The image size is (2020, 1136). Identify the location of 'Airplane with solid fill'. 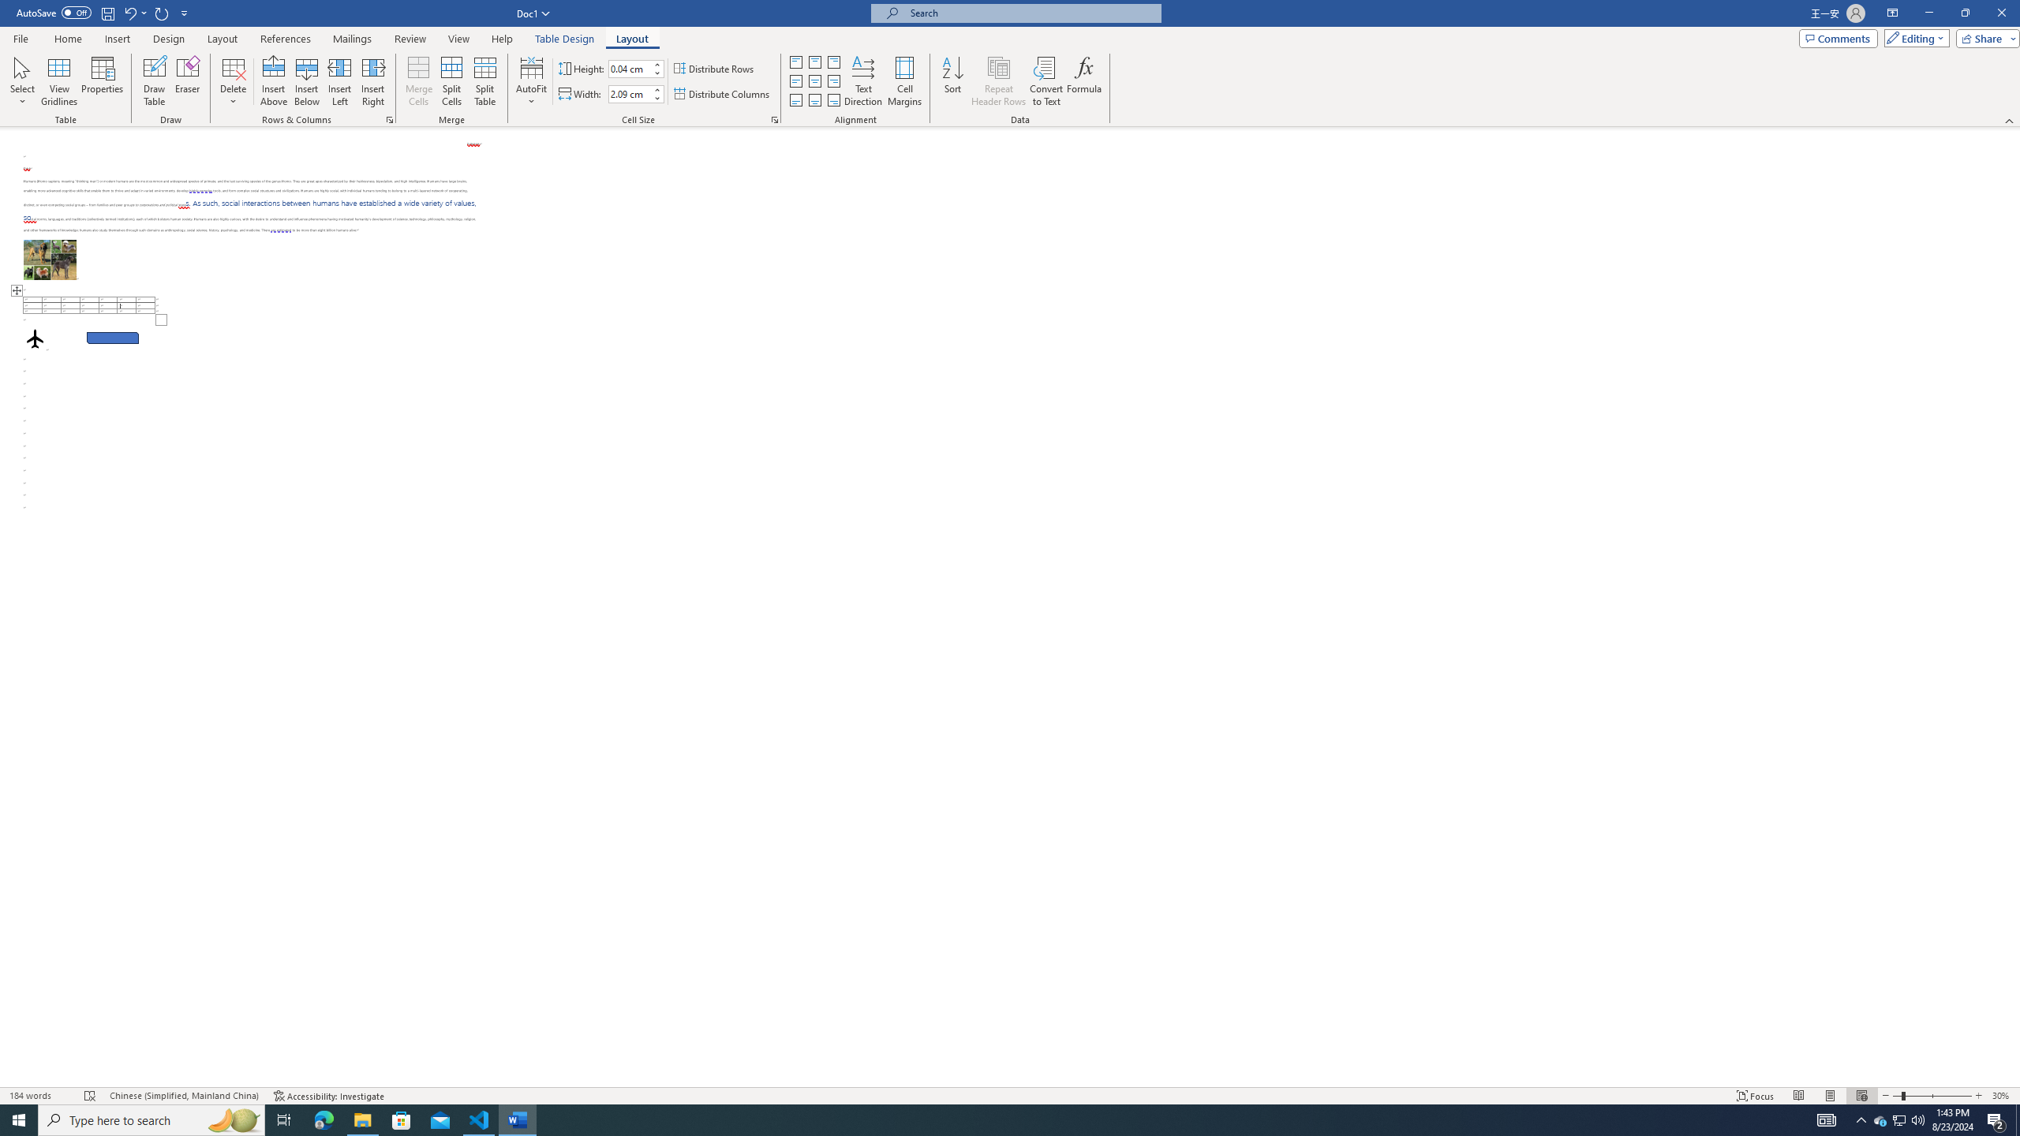
(35, 338).